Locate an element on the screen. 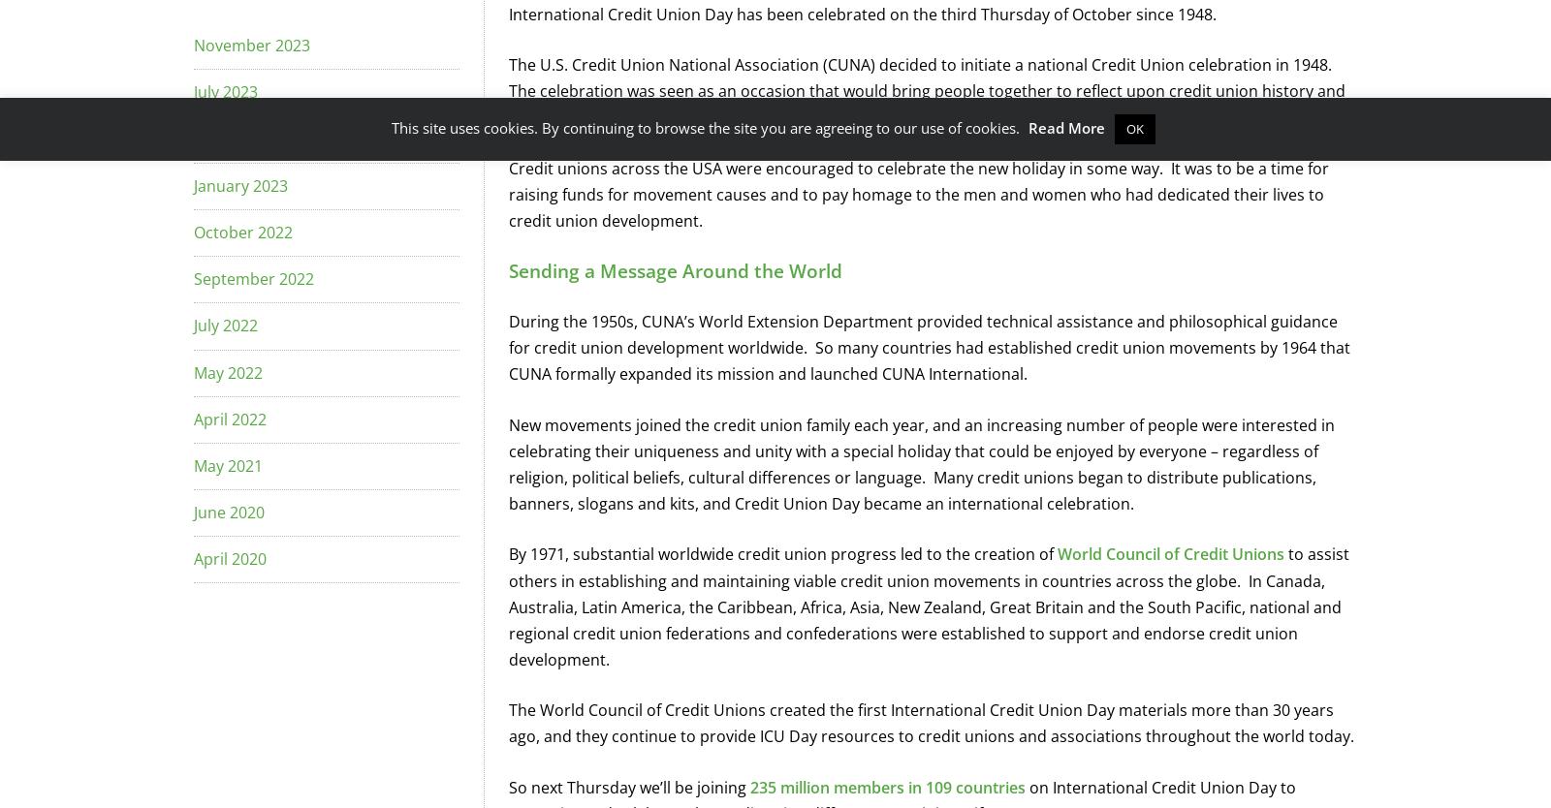 The height and width of the screenshot is (808, 1551). 'World Council of Credit Unions' is located at coordinates (1170, 554).